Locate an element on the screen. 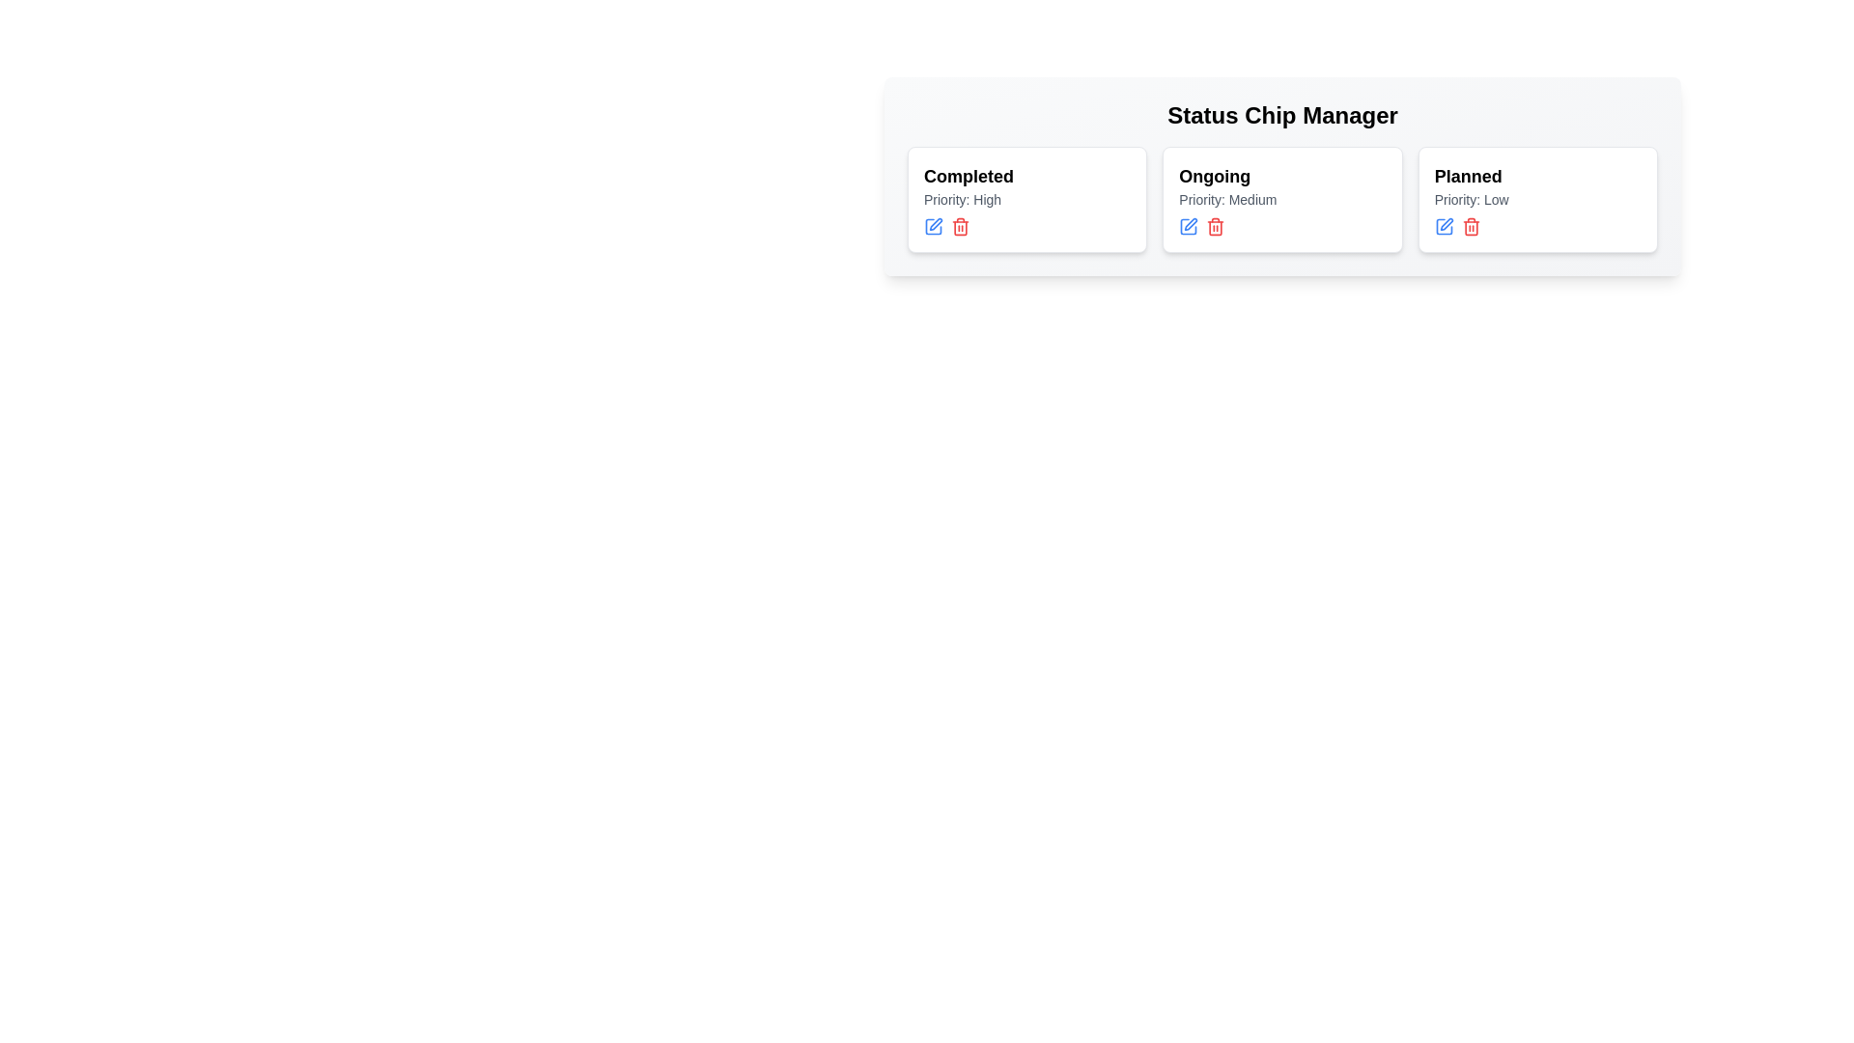 This screenshot has width=1854, height=1043. the trash icon of the chip labeled Completed to delete it is located at coordinates (960, 226).